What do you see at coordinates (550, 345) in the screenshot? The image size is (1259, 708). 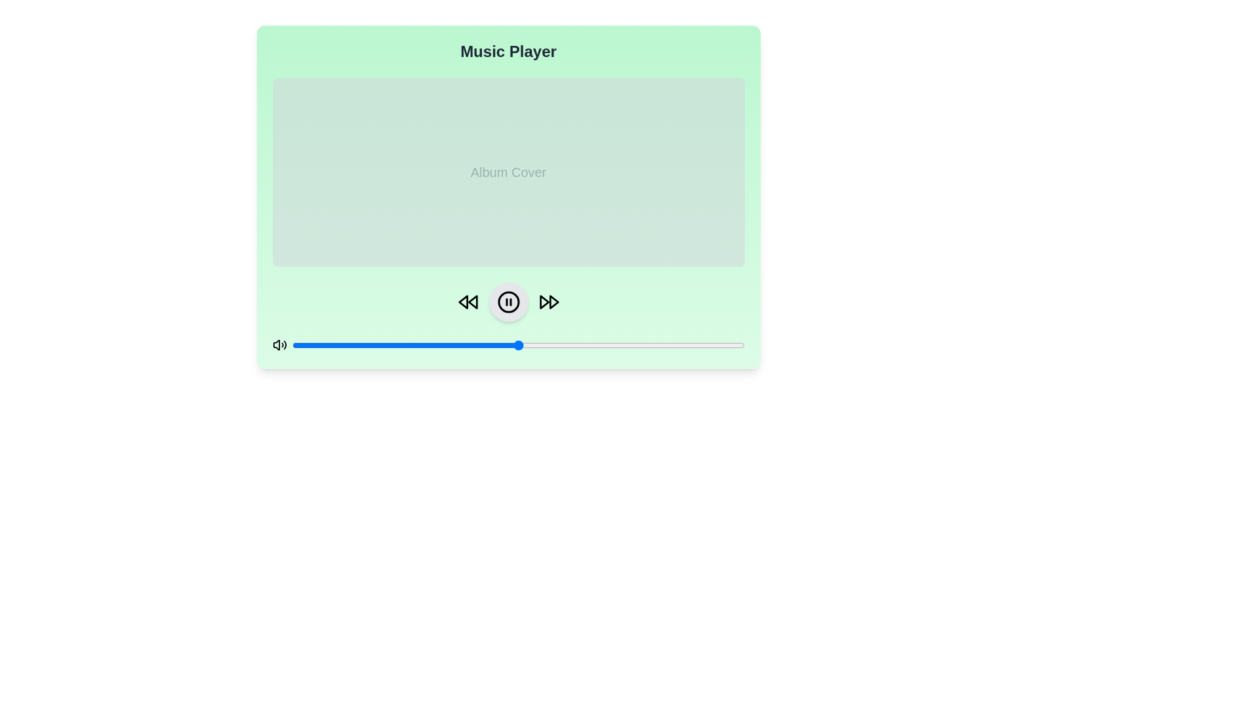 I see `the slider position` at bounding box center [550, 345].